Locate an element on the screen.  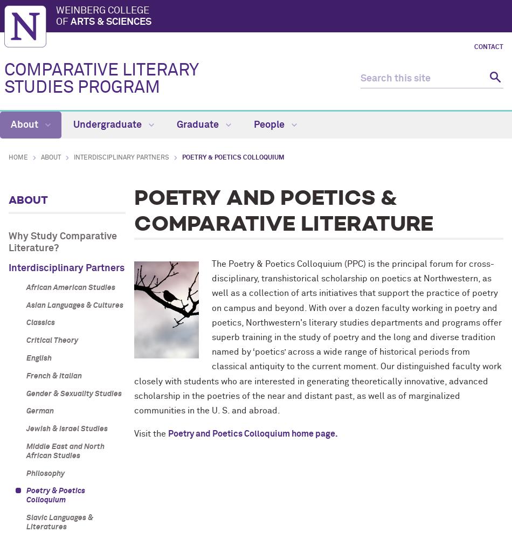
'The Poetry & Poetics Colloquium (PPC) is the principal forum for cross-disciplinary, transhistorical scholarship on poetics at Northwestern, as well as a collection of arts initiatives that support the practice of poetry on campus and beyond. With over a dozen faculty working in poetry and poetics, Northwestern's literary studies departments and programs offer superb training in the study of poetry and the long and diverse tradition named by ‘poetics’ across a wide range of historical periods from classical antiquity to the current moment. Our distinguished faculty work closely with students who are interested in generating theoretically innovative, advanced scholarship in the poetries of the near and distant past, as well as of marginalized communities in the U. S. and abroad.' is located at coordinates (133, 337).